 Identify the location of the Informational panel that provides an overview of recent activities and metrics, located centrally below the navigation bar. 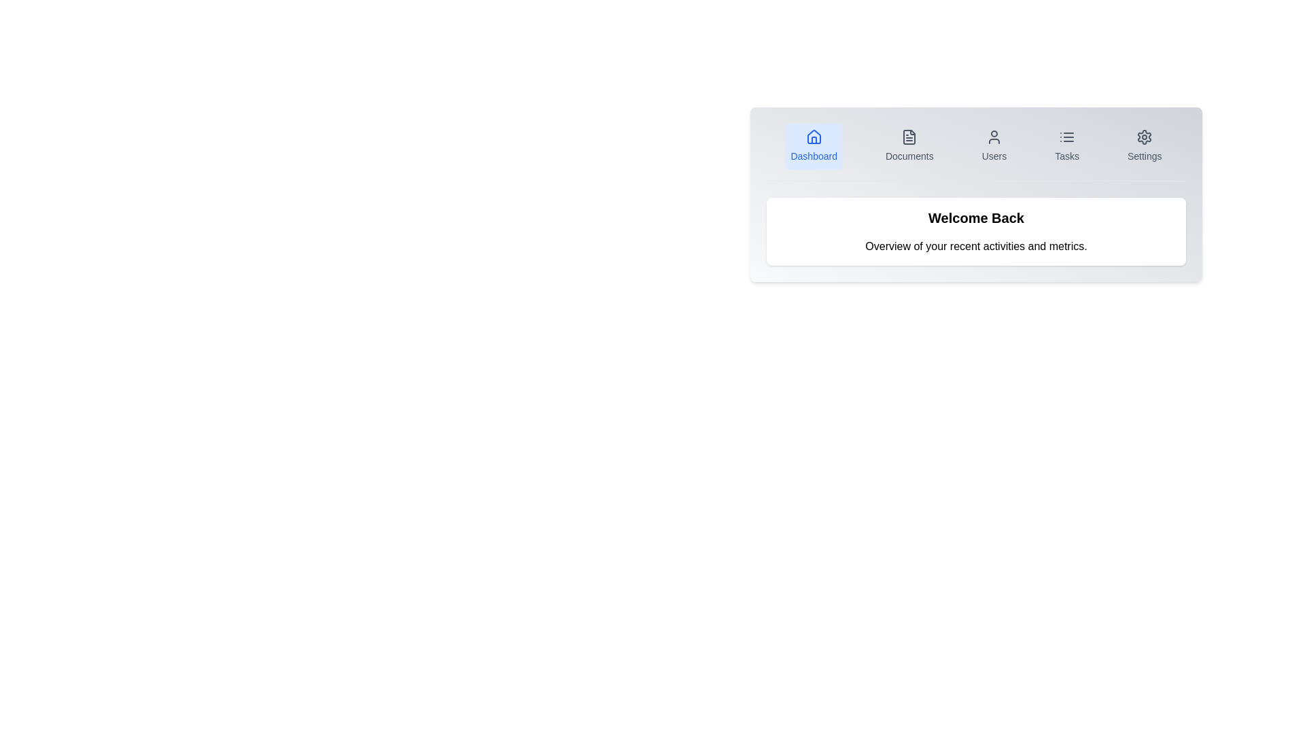
(975, 230).